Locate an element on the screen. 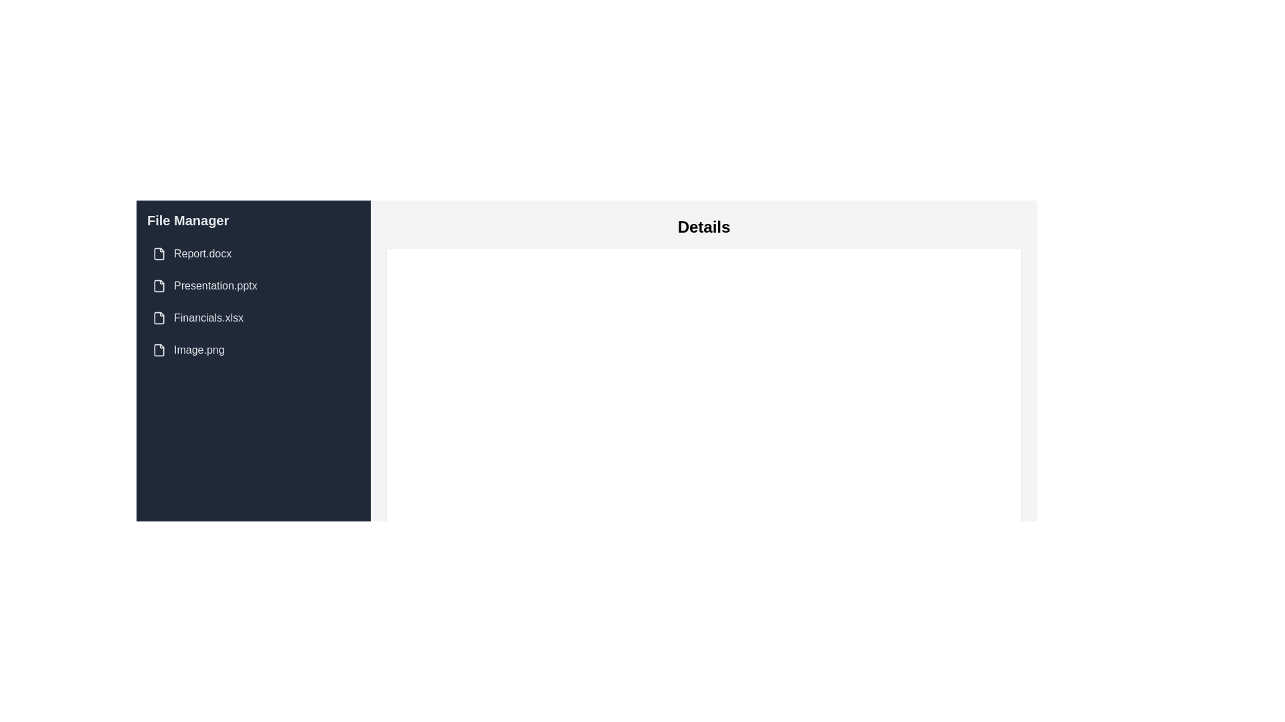  the file icon representing 'Report.docx' located in the left sidebar under 'File Manager' is located at coordinates (159, 254).